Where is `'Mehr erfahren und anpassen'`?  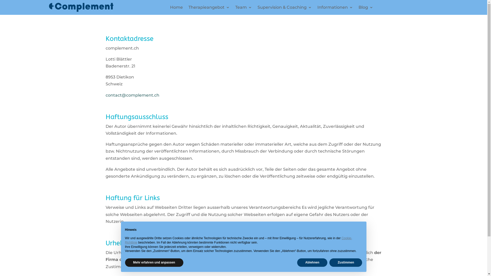
'Mehr erfahren und anpassen' is located at coordinates (153, 262).